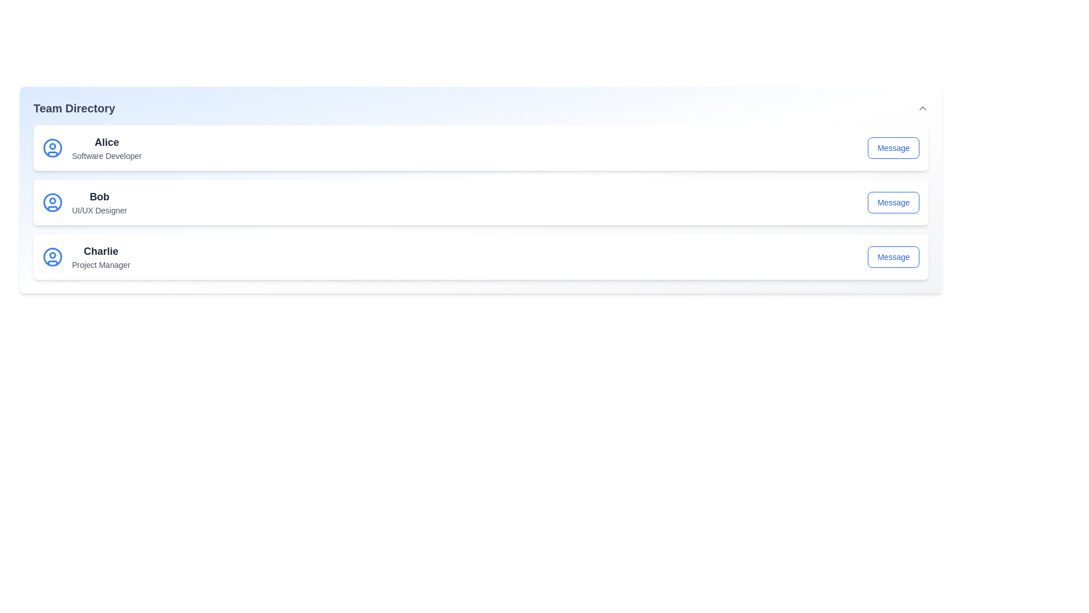 The image size is (1089, 613). I want to click on text block element displaying the name 'Alice' and title 'Software Developer', which is the first item in the list under the 'Team Directory' header, so click(107, 148).